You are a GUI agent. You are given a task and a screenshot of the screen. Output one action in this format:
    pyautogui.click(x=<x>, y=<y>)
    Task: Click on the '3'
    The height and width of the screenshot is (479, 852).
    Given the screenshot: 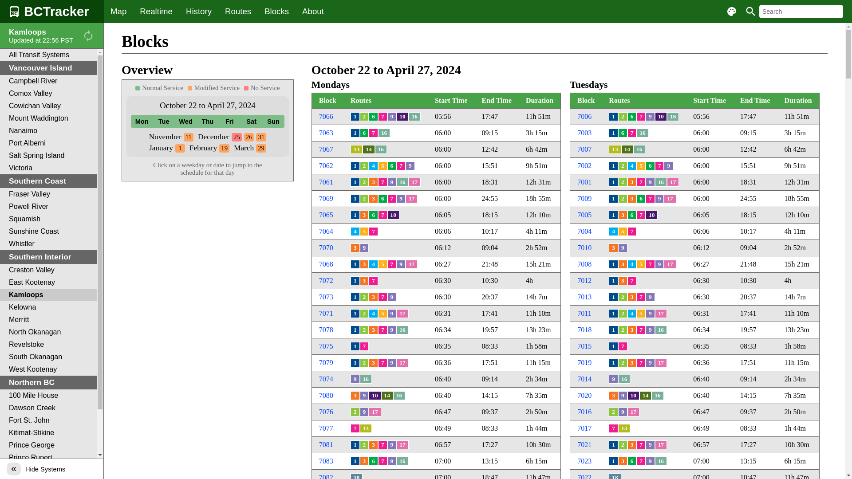 What is the action you would take?
    pyautogui.click(x=631, y=330)
    